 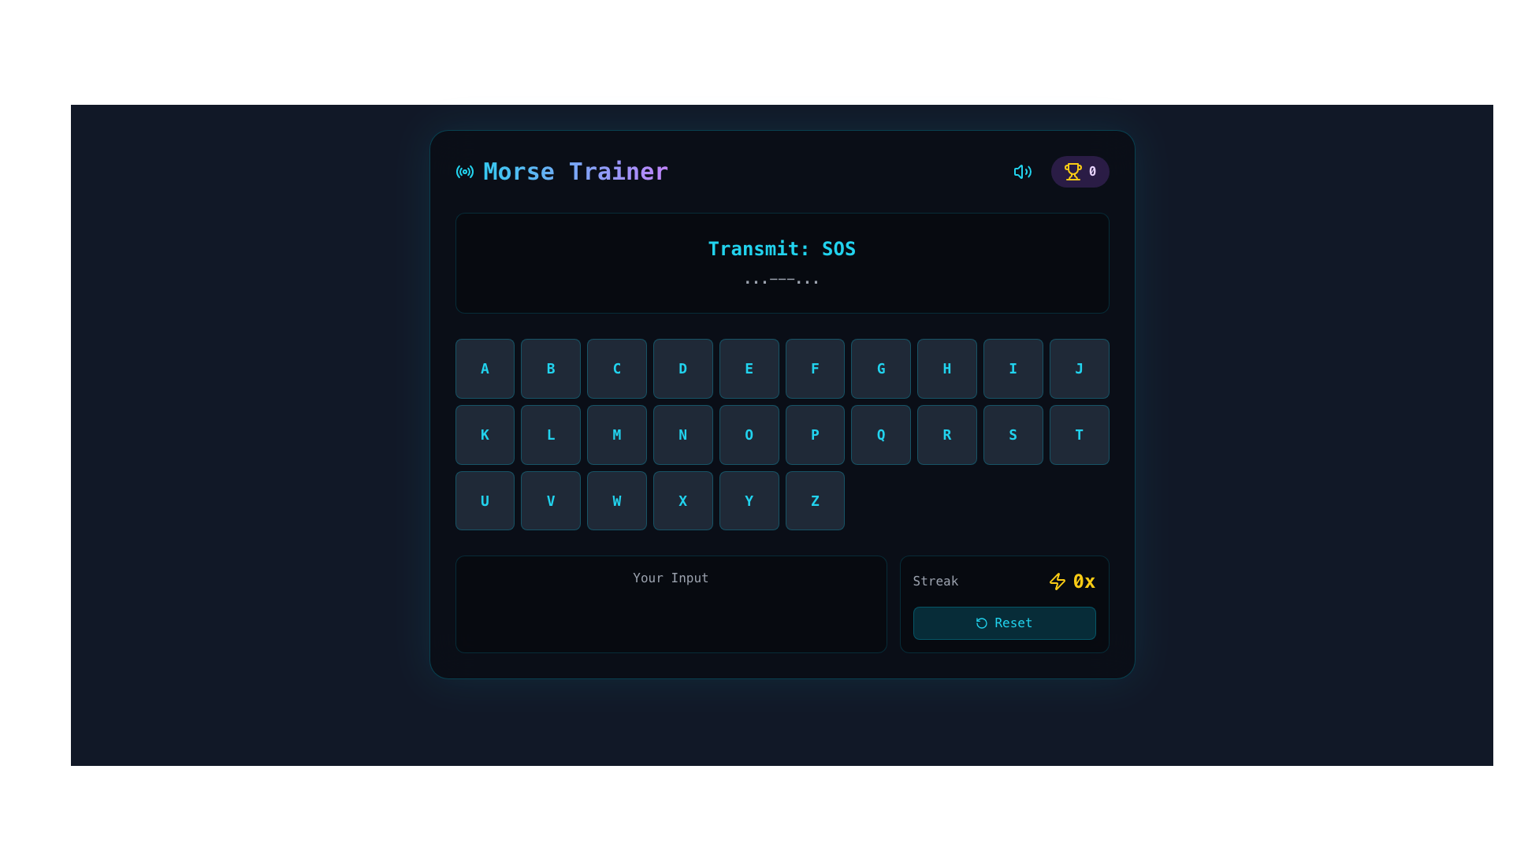 I want to click on the square button with rounded corners displaying the letter 'T' in a cyan-colored bold font, so click(x=1078, y=434).